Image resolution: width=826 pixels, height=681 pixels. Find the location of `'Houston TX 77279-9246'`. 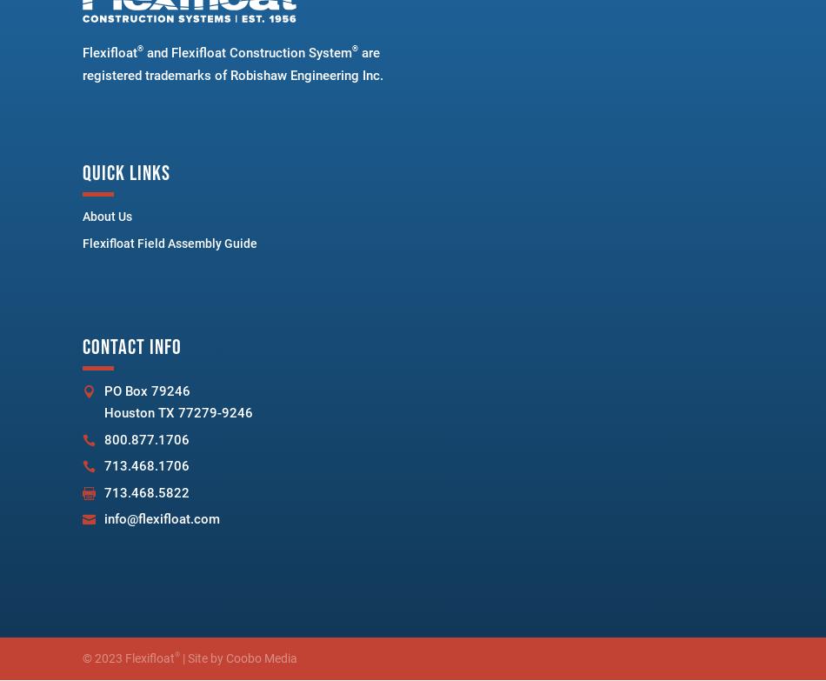

'Houston TX 77279-9246' is located at coordinates (178, 411).